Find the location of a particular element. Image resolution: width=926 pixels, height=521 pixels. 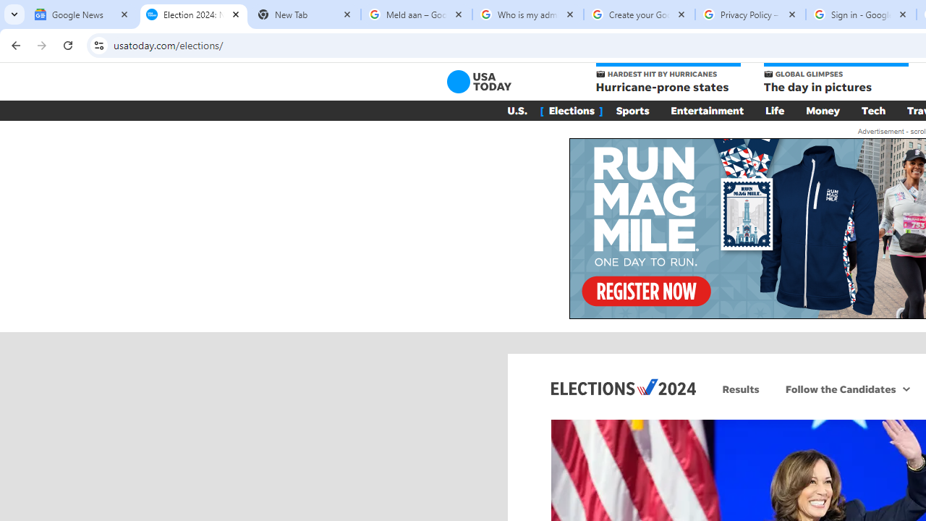

'Sports' is located at coordinates (632, 110).